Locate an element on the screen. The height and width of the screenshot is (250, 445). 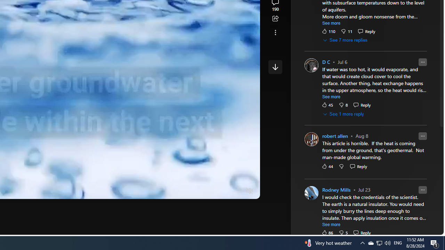
'44 Like' is located at coordinates (327, 166).